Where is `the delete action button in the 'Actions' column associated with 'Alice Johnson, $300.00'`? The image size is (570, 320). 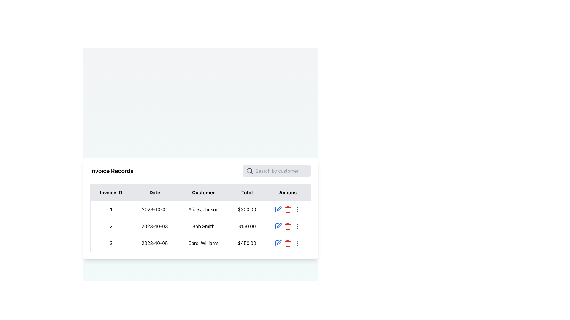
the delete action button in the 'Actions' column associated with 'Alice Johnson, $300.00' is located at coordinates (288, 209).